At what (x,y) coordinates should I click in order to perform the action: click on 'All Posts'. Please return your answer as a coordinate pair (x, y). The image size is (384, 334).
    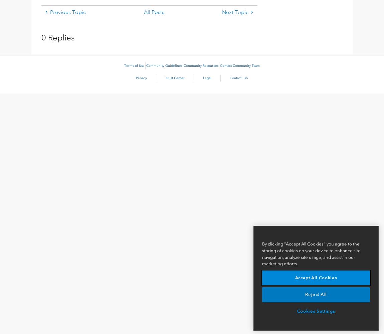
    Looking at the image, I should click on (154, 12).